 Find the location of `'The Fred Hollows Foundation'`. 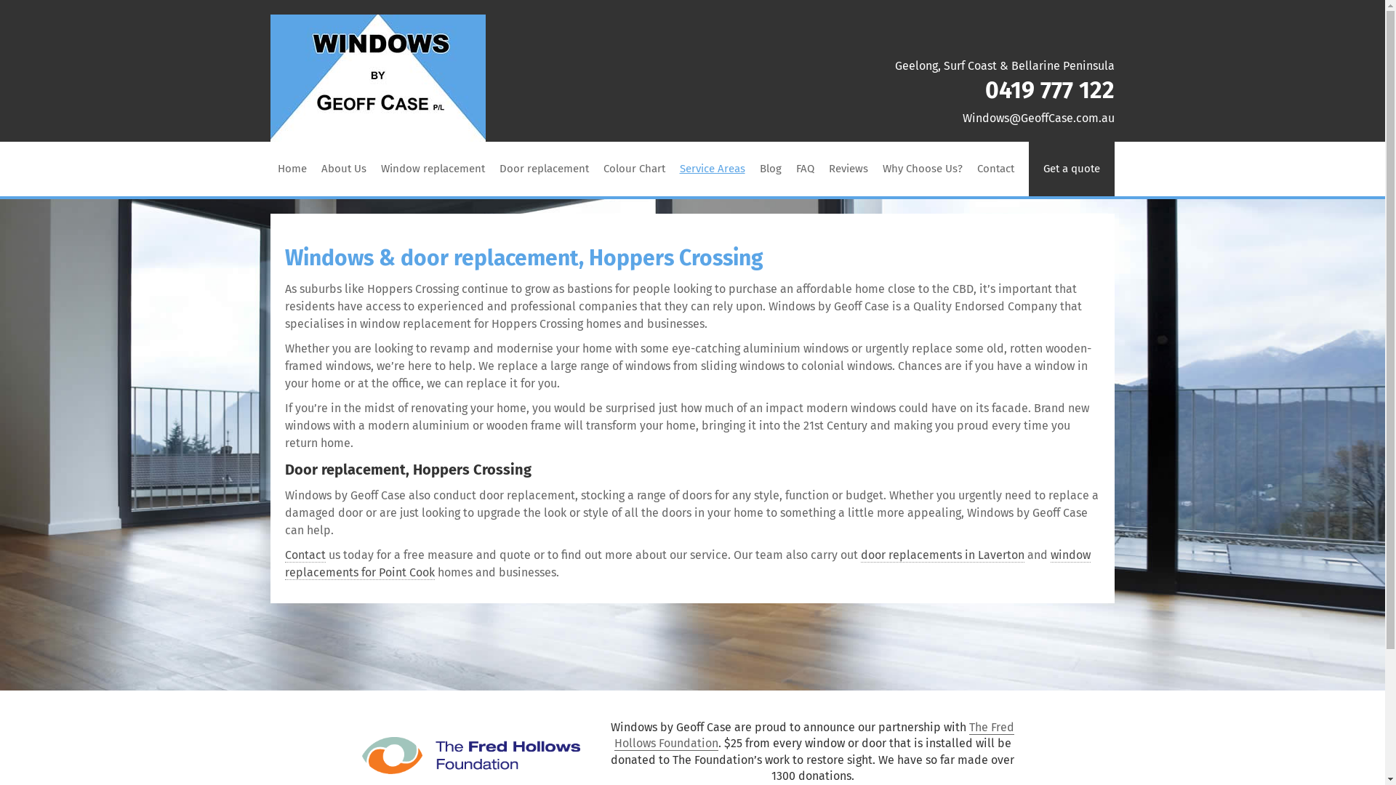

'The Fred Hollows Foundation' is located at coordinates (813, 735).